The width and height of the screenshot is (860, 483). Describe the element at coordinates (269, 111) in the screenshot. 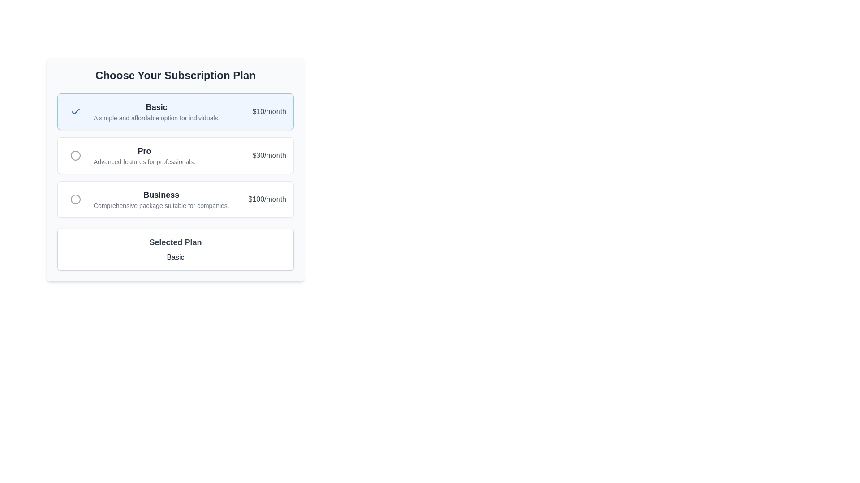

I see `the Label/Text Display that shows the pricing information for the 'Basic' subscription plan, located at the bottom-right of the subscription tier row` at that location.